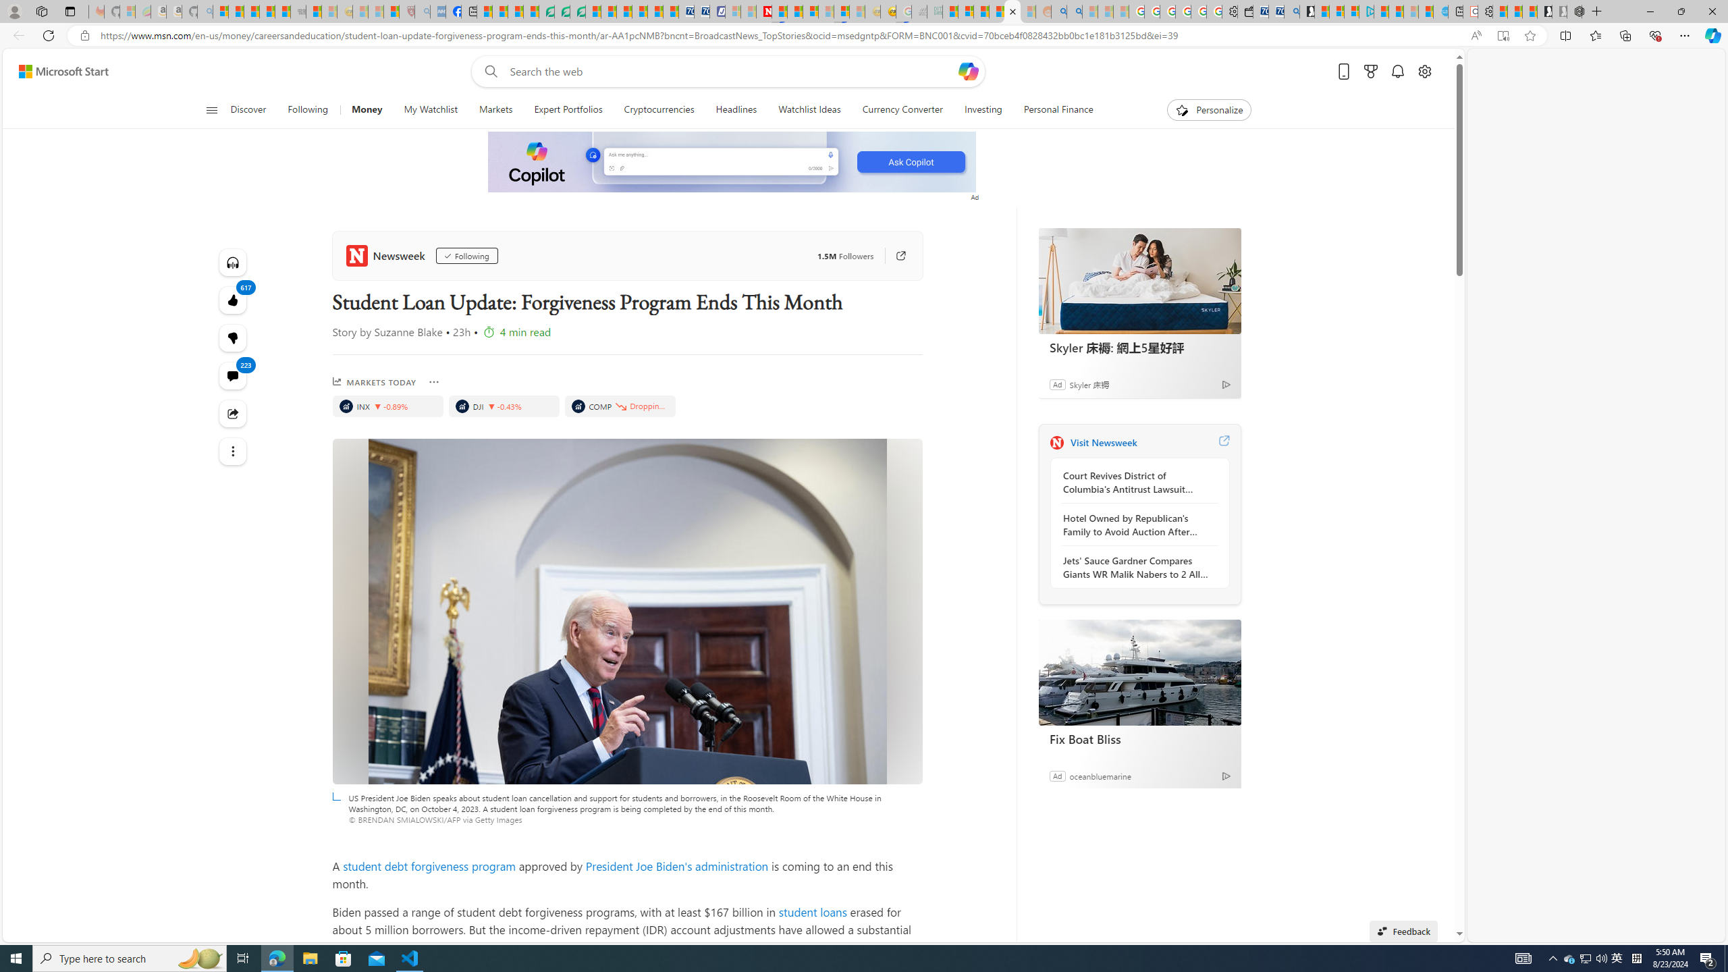 The width and height of the screenshot is (1728, 972). I want to click on 'Markets', so click(495, 109).